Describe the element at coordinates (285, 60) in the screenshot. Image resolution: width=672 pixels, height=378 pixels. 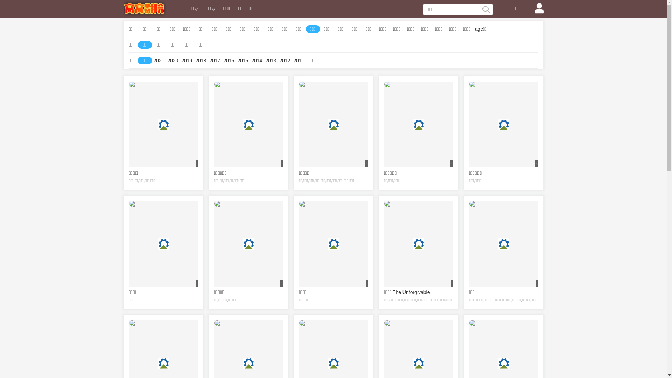
I see `'2012'` at that location.